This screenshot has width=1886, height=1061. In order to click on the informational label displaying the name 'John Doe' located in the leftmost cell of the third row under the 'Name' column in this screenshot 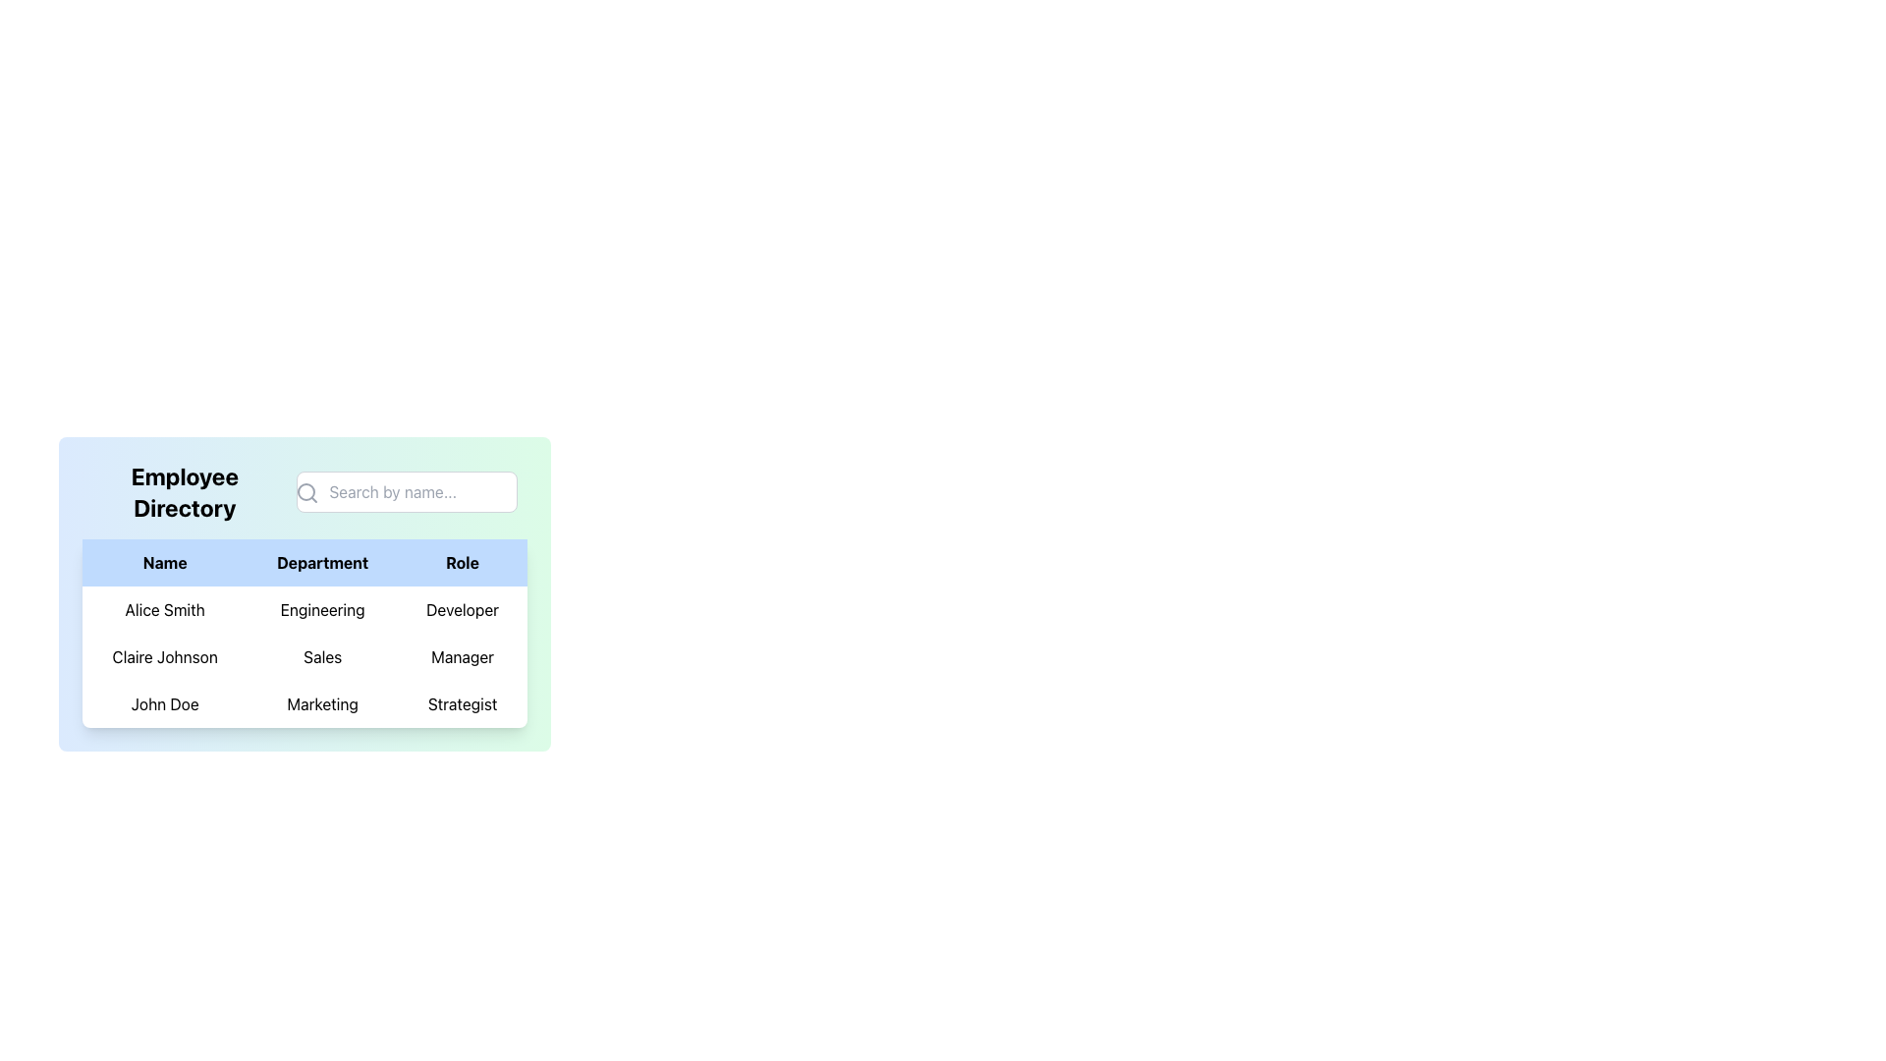, I will do `click(165, 703)`.